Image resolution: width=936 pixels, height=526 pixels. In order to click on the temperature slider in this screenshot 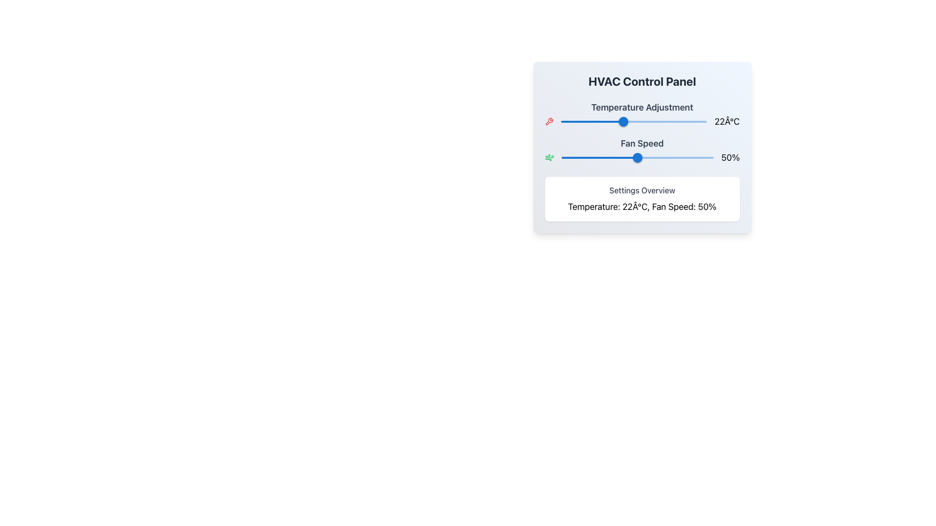, I will do `click(590, 121)`.